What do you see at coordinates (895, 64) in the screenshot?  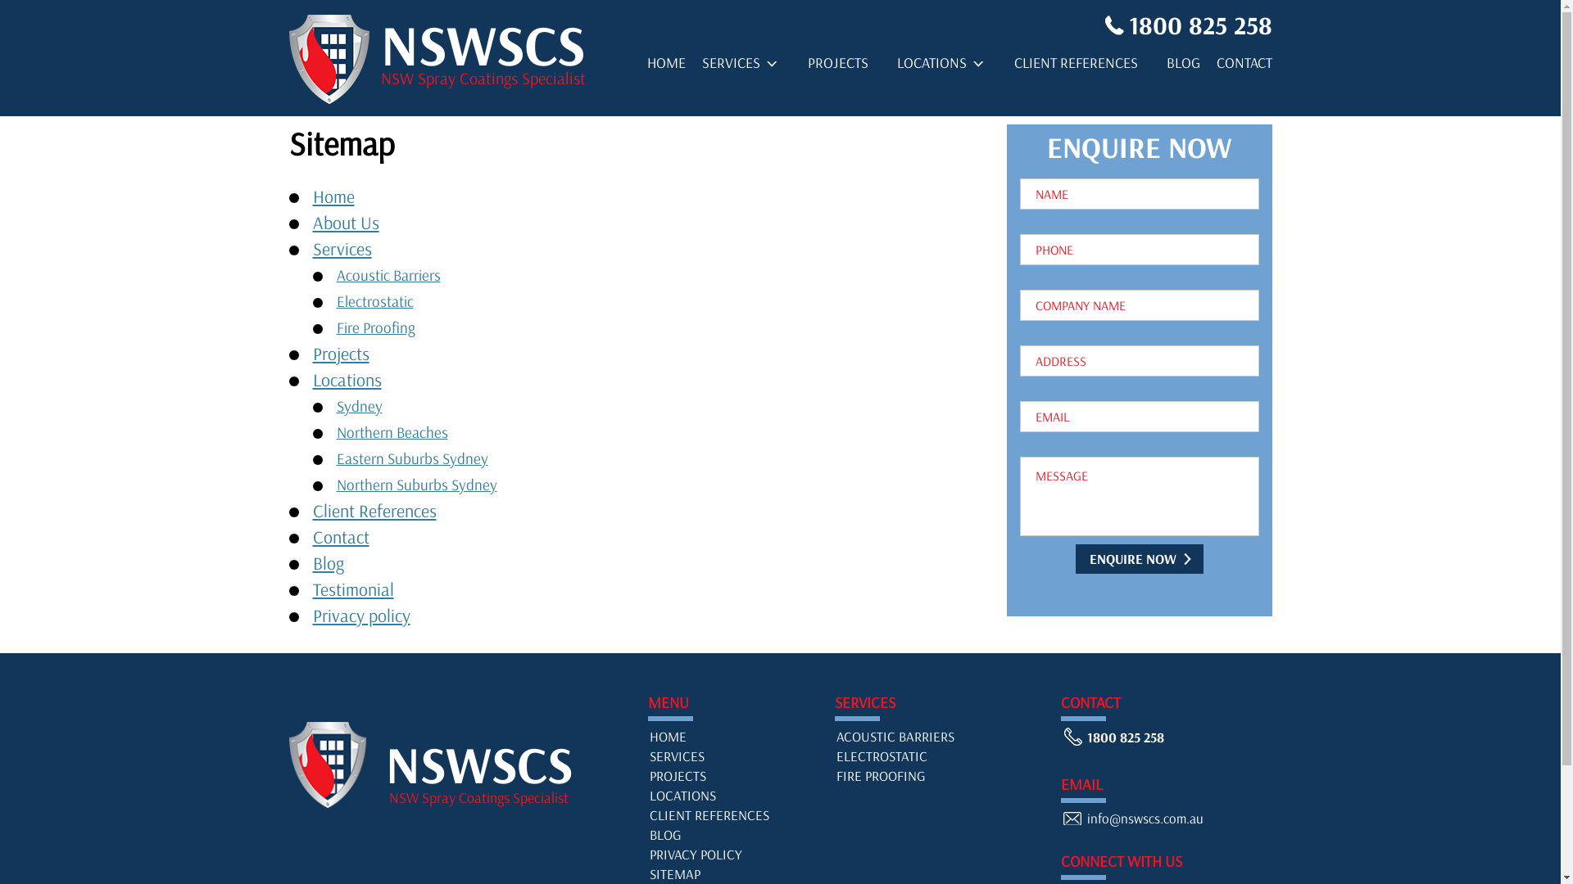 I see `'LOCATIONS'` at bounding box center [895, 64].